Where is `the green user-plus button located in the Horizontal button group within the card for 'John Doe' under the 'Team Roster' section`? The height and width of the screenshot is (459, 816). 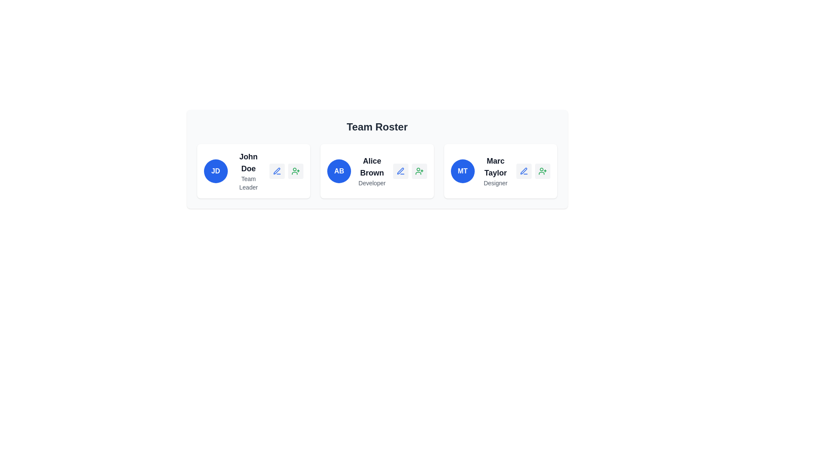
the green user-plus button located in the Horizontal button group within the card for 'John Doe' under the 'Team Roster' section is located at coordinates (286, 171).